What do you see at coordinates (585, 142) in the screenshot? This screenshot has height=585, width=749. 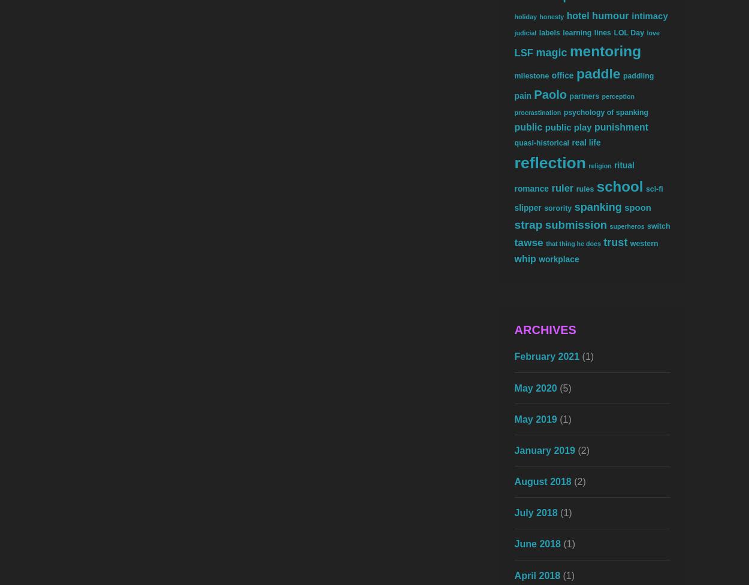 I see `'real life'` at bounding box center [585, 142].